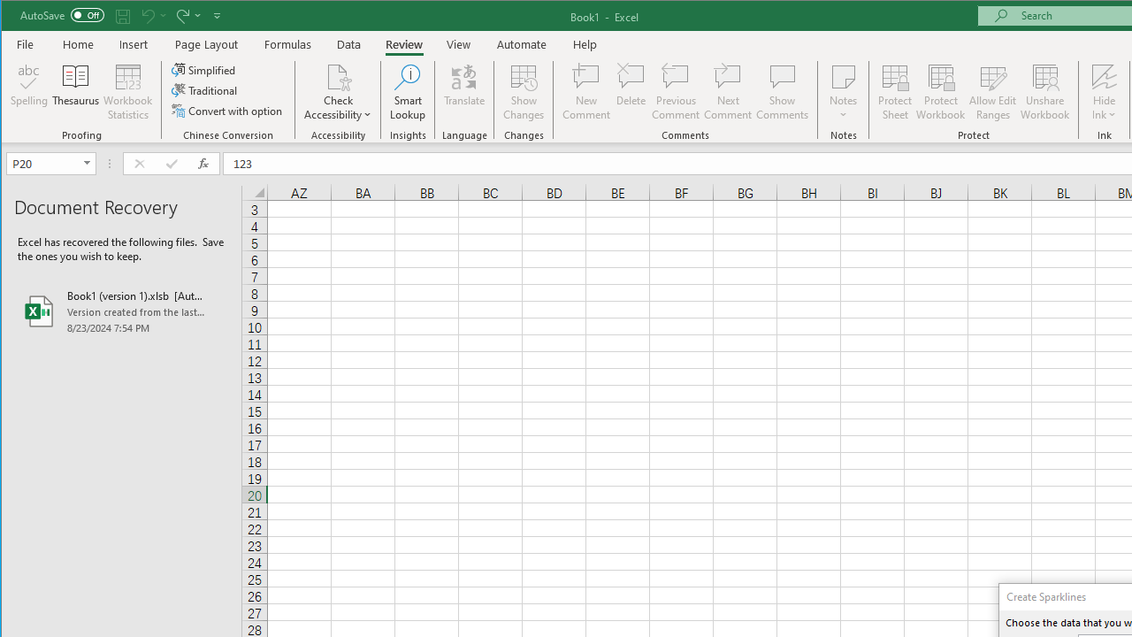 This screenshot has width=1132, height=637. Describe the element at coordinates (464, 92) in the screenshot. I see `'Translate'` at that location.